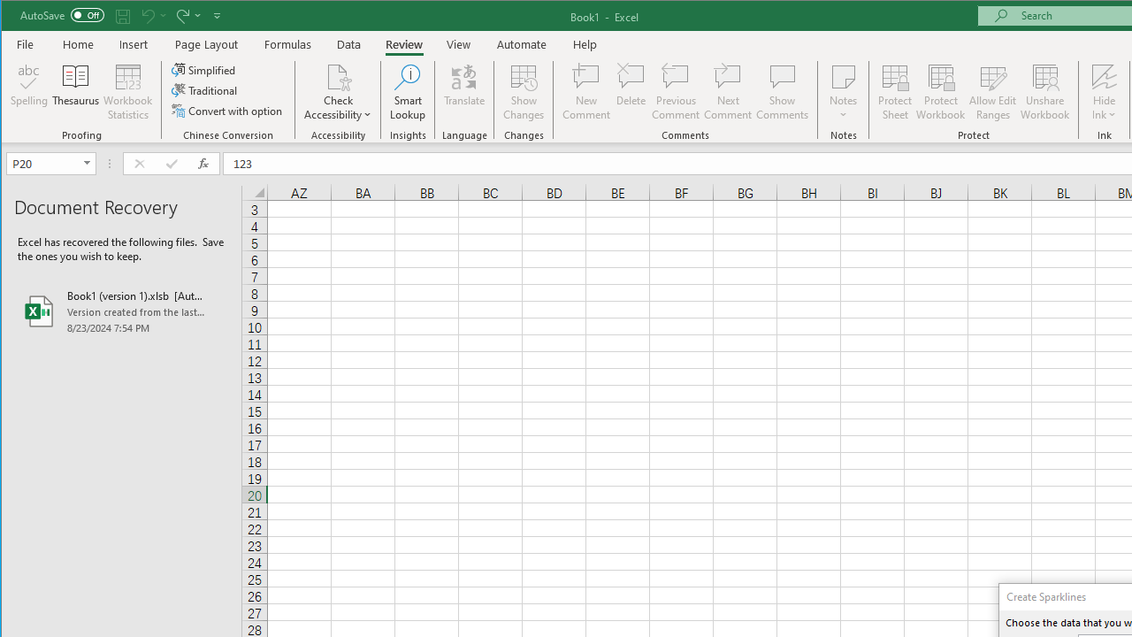 This screenshot has width=1132, height=637. Describe the element at coordinates (464, 92) in the screenshot. I see `'Translate'` at that location.